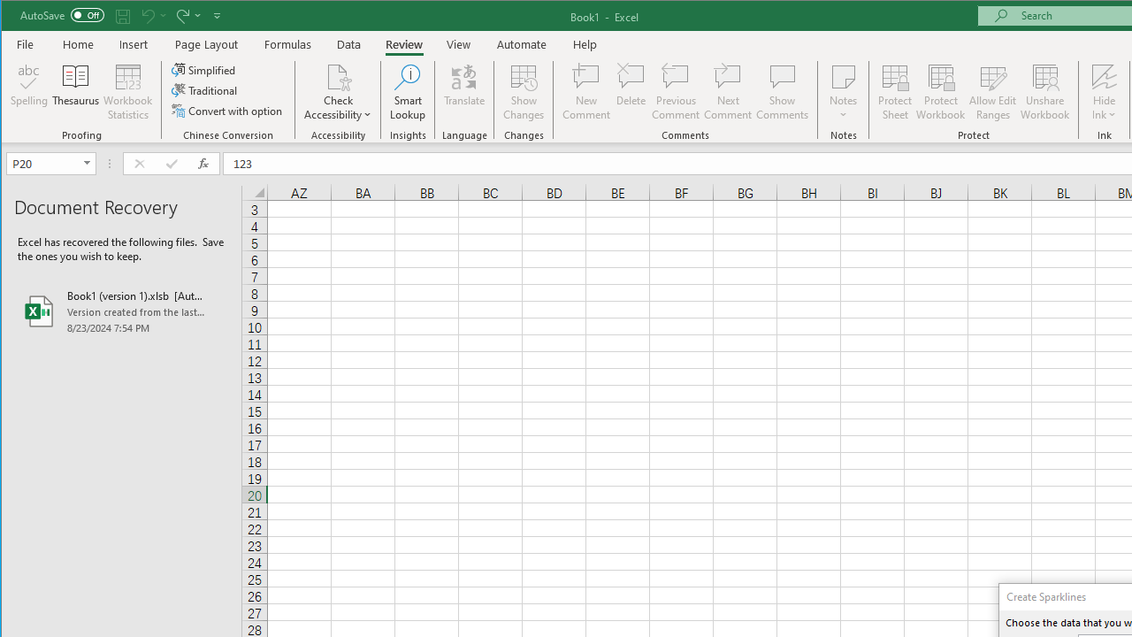 This screenshot has width=1132, height=637. Describe the element at coordinates (464, 92) in the screenshot. I see `'Translate'` at that location.